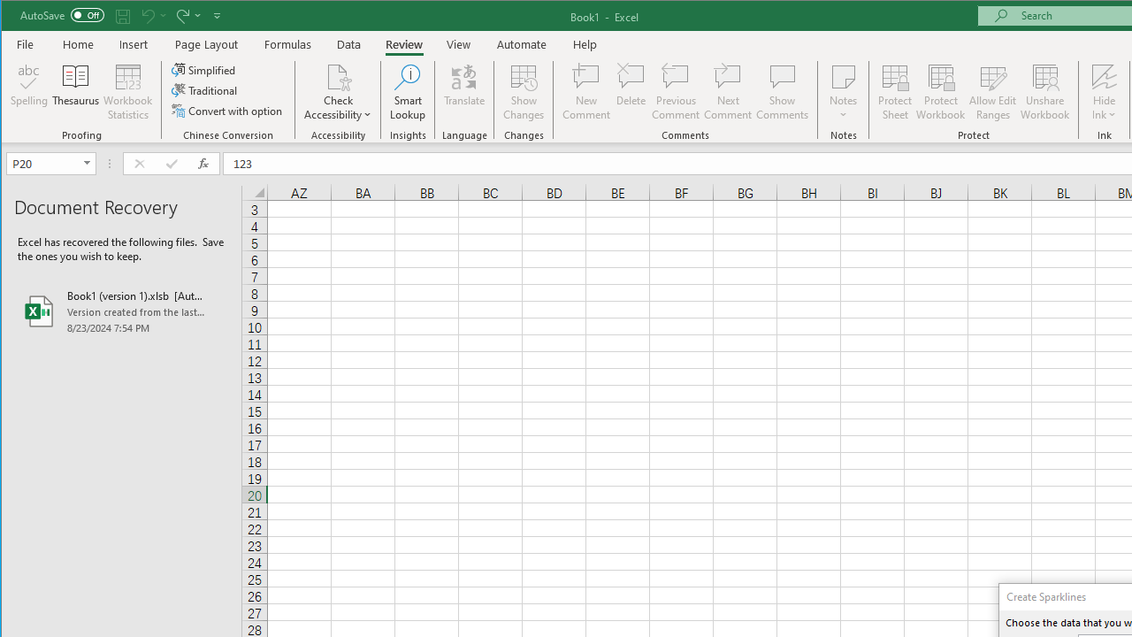 This screenshot has width=1132, height=637. Describe the element at coordinates (464, 92) in the screenshot. I see `'Translate'` at that location.